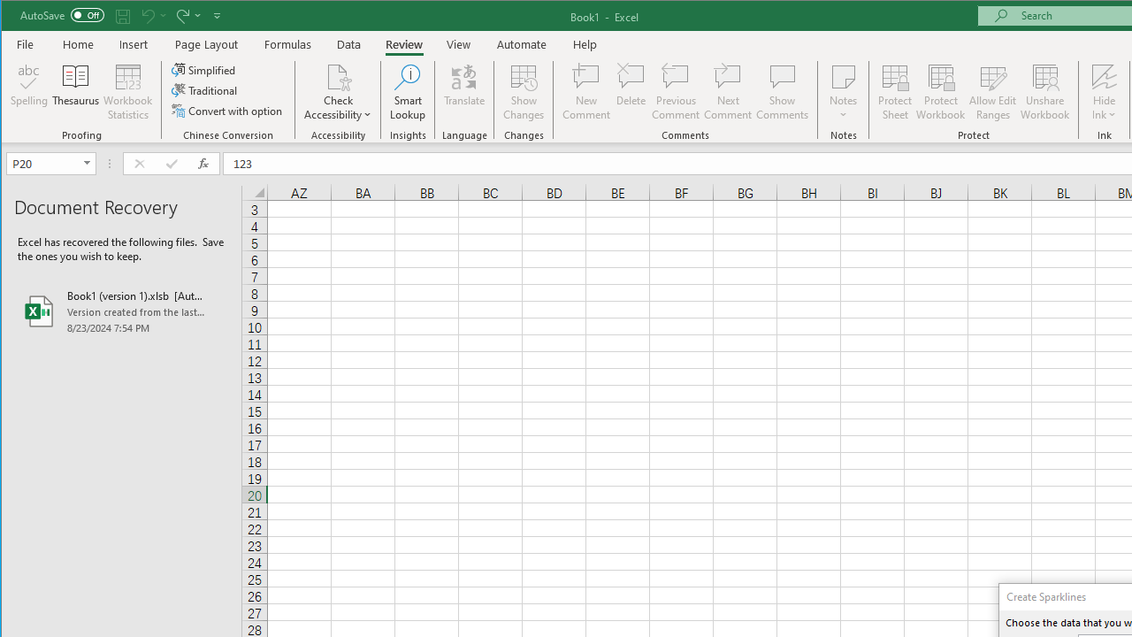 This screenshot has width=1132, height=637. Describe the element at coordinates (464, 92) in the screenshot. I see `'Translate'` at that location.